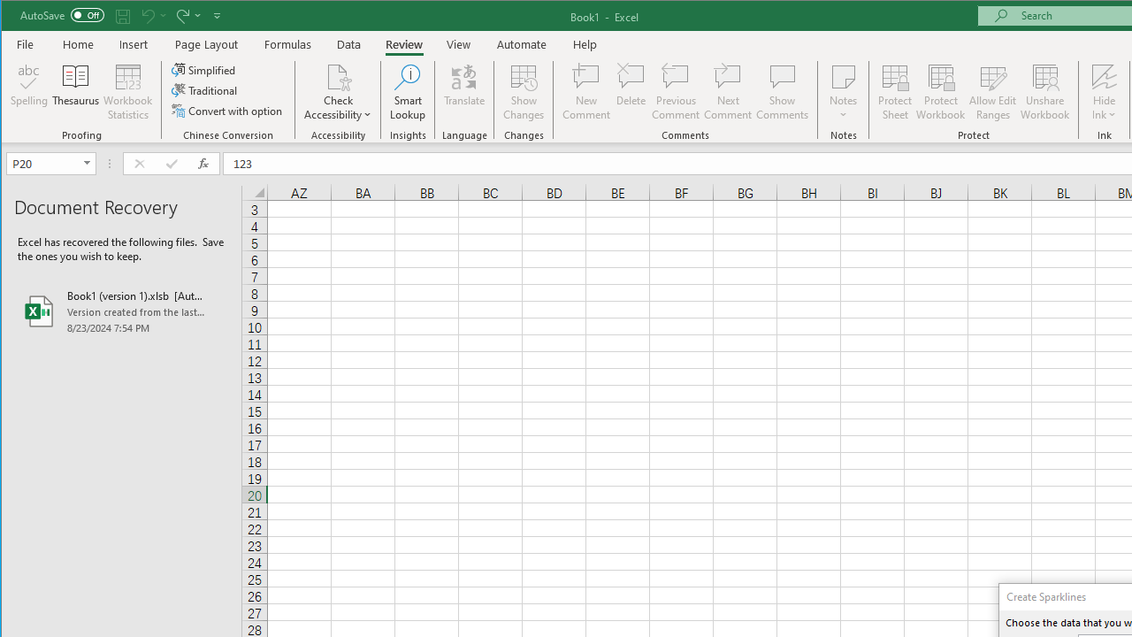 This screenshot has width=1132, height=637. Describe the element at coordinates (464, 92) in the screenshot. I see `'Translate'` at that location.